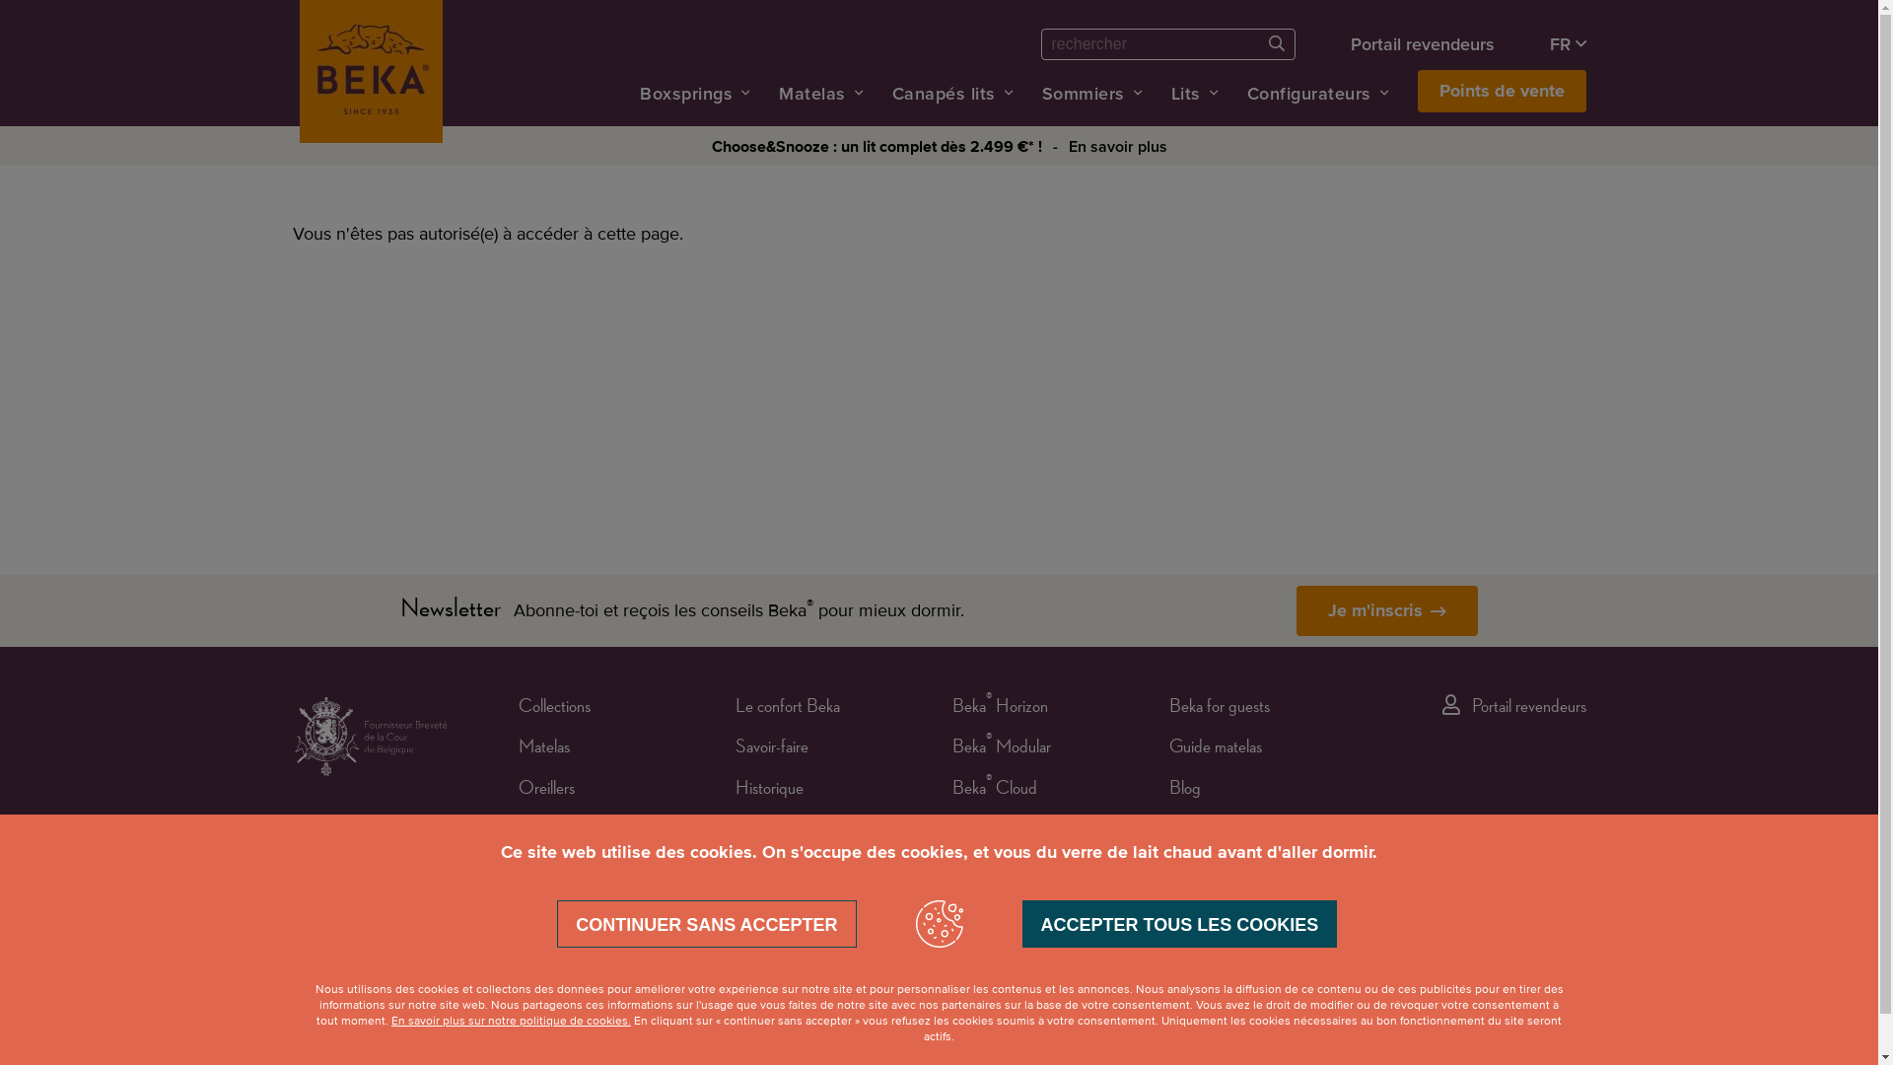 The image size is (1893, 1065). Describe the element at coordinates (1417, 91) in the screenshot. I see `'Points de vente'` at that location.